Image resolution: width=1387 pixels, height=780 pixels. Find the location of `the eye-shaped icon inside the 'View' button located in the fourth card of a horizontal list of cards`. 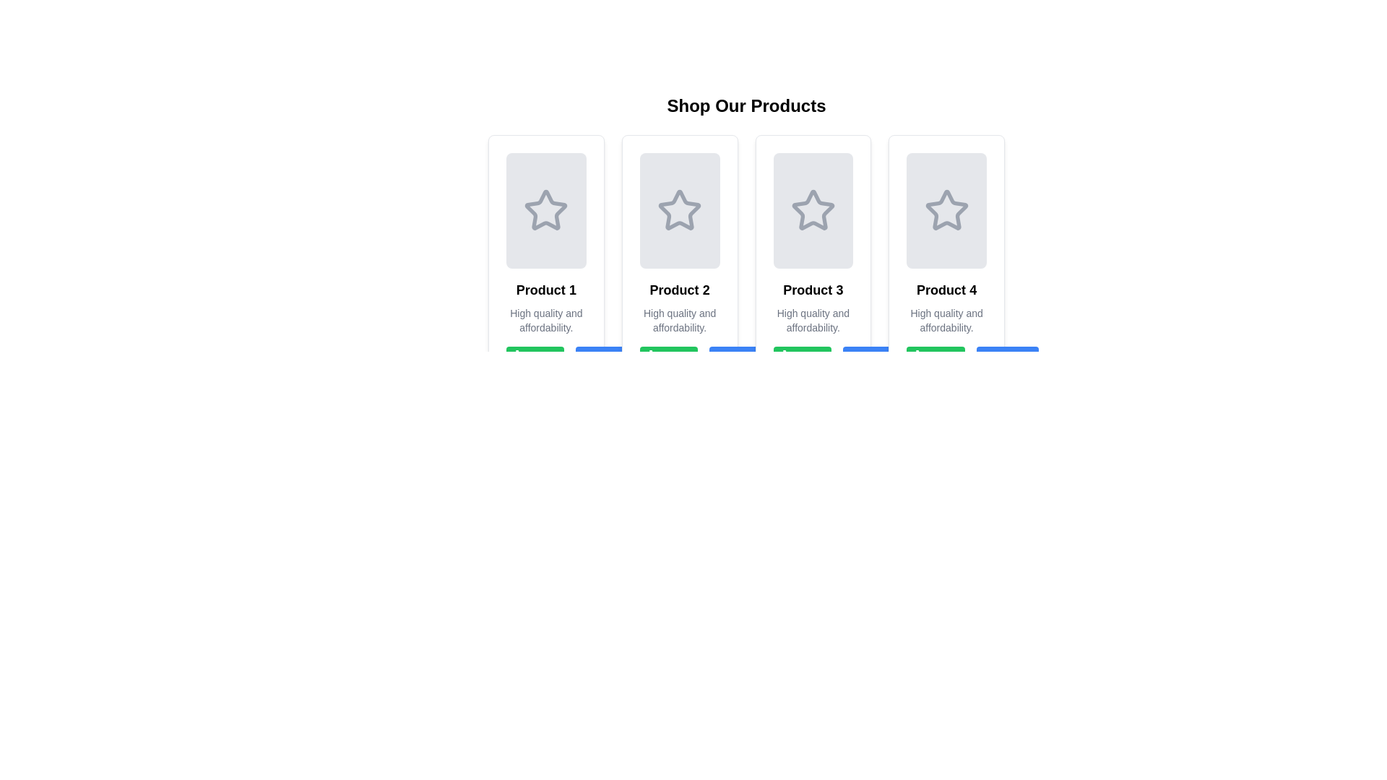

the eye-shaped icon inside the 'View' button located in the fourth card of a horizontal list of cards is located at coordinates (860, 357).